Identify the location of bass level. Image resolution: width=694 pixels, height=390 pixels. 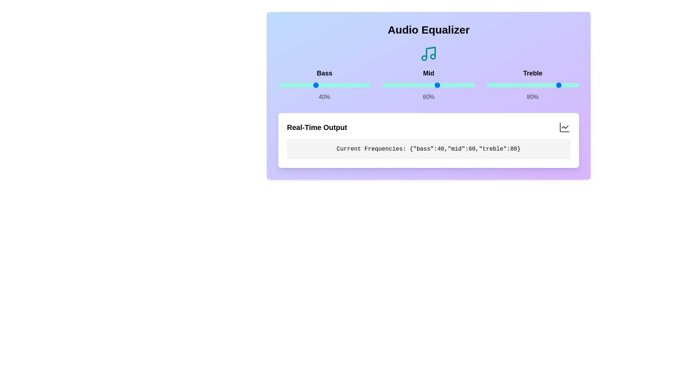
(310, 84).